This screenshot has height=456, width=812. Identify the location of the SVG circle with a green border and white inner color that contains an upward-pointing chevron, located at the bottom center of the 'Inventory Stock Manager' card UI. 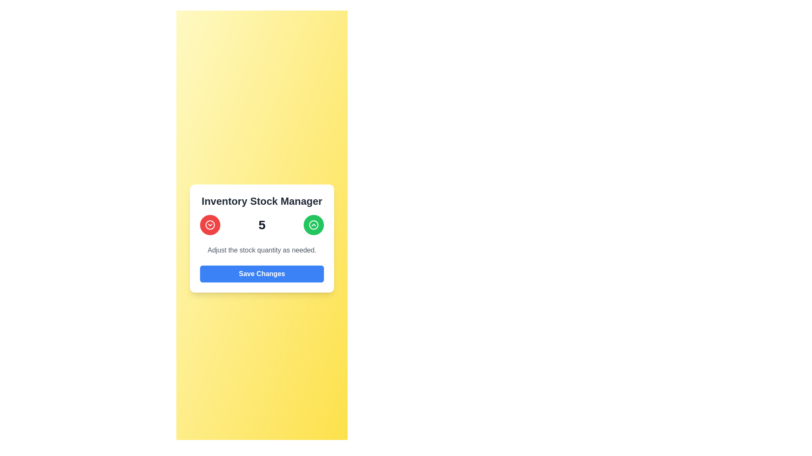
(313, 224).